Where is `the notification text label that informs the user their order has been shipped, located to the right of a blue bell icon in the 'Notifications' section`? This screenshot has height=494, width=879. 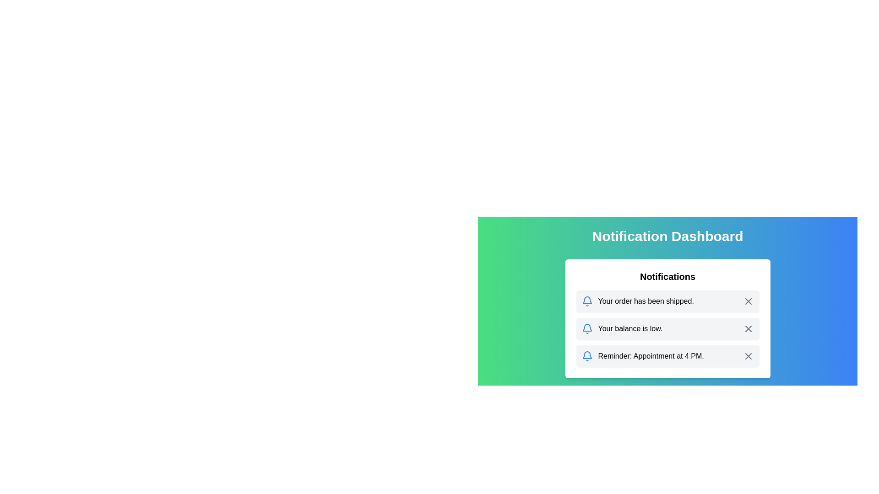 the notification text label that informs the user their order has been shipped, located to the right of a blue bell icon in the 'Notifications' section is located at coordinates (646, 301).